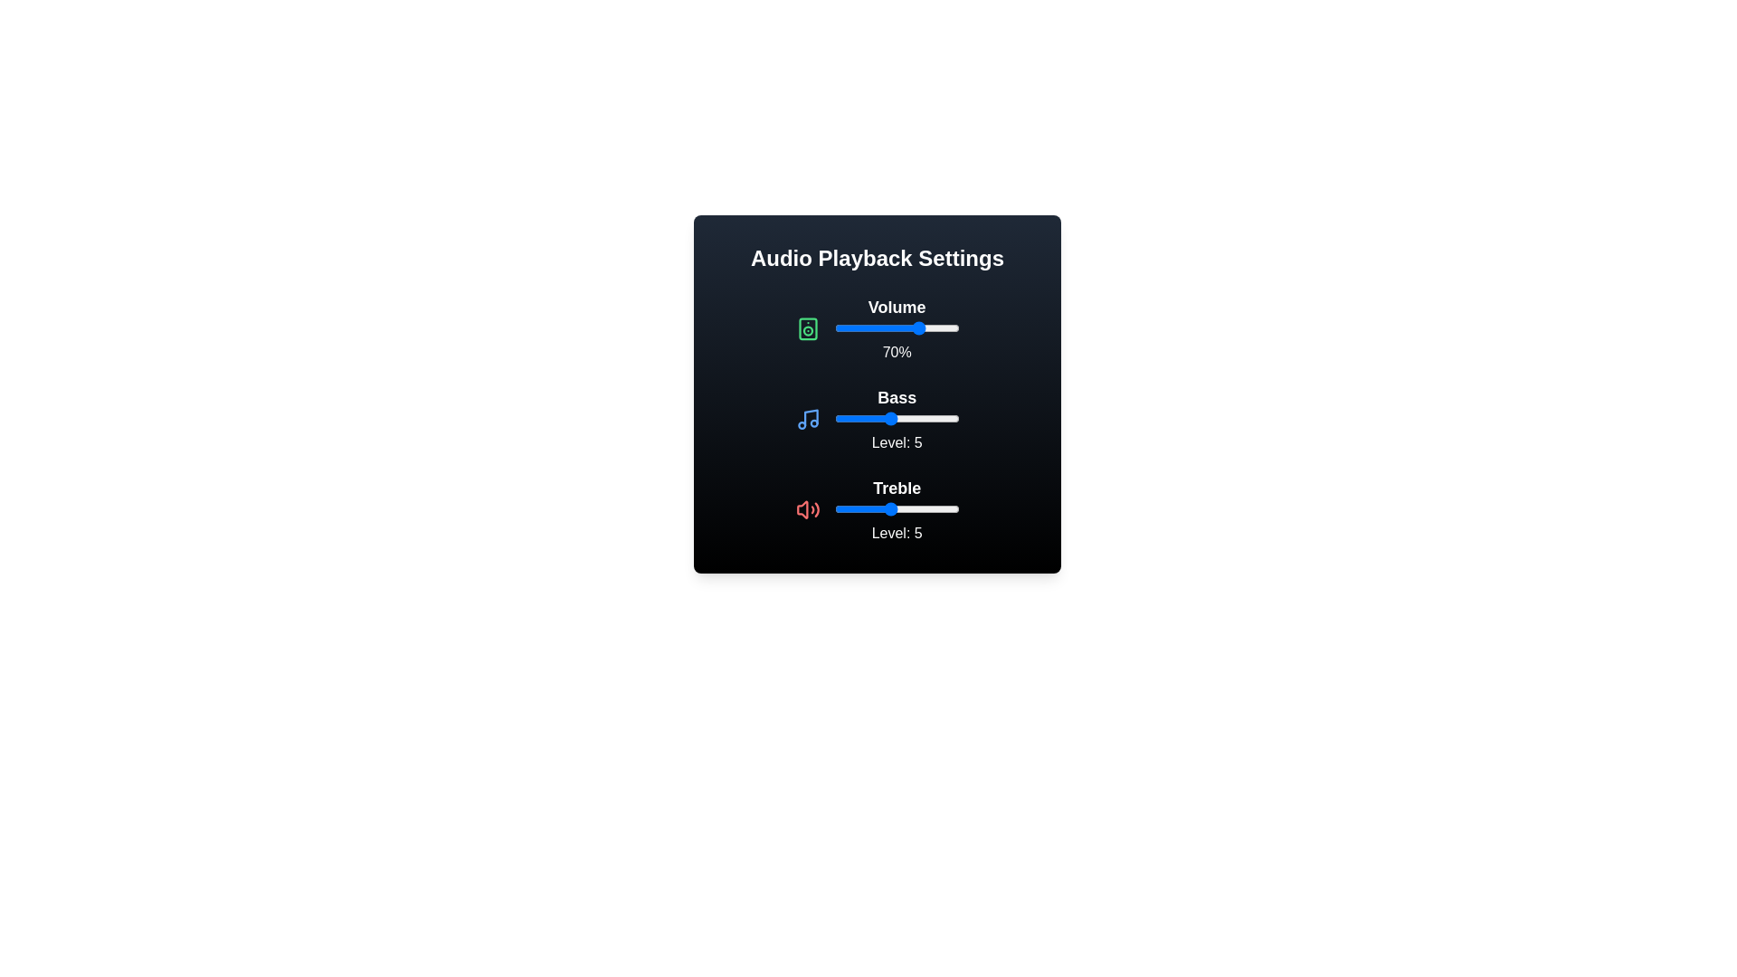 Image resolution: width=1737 pixels, height=977 pixels. What do you see at coordinates (861, 509) in the screenshot?
I see `the treble level` at bounding box center [861, 509].